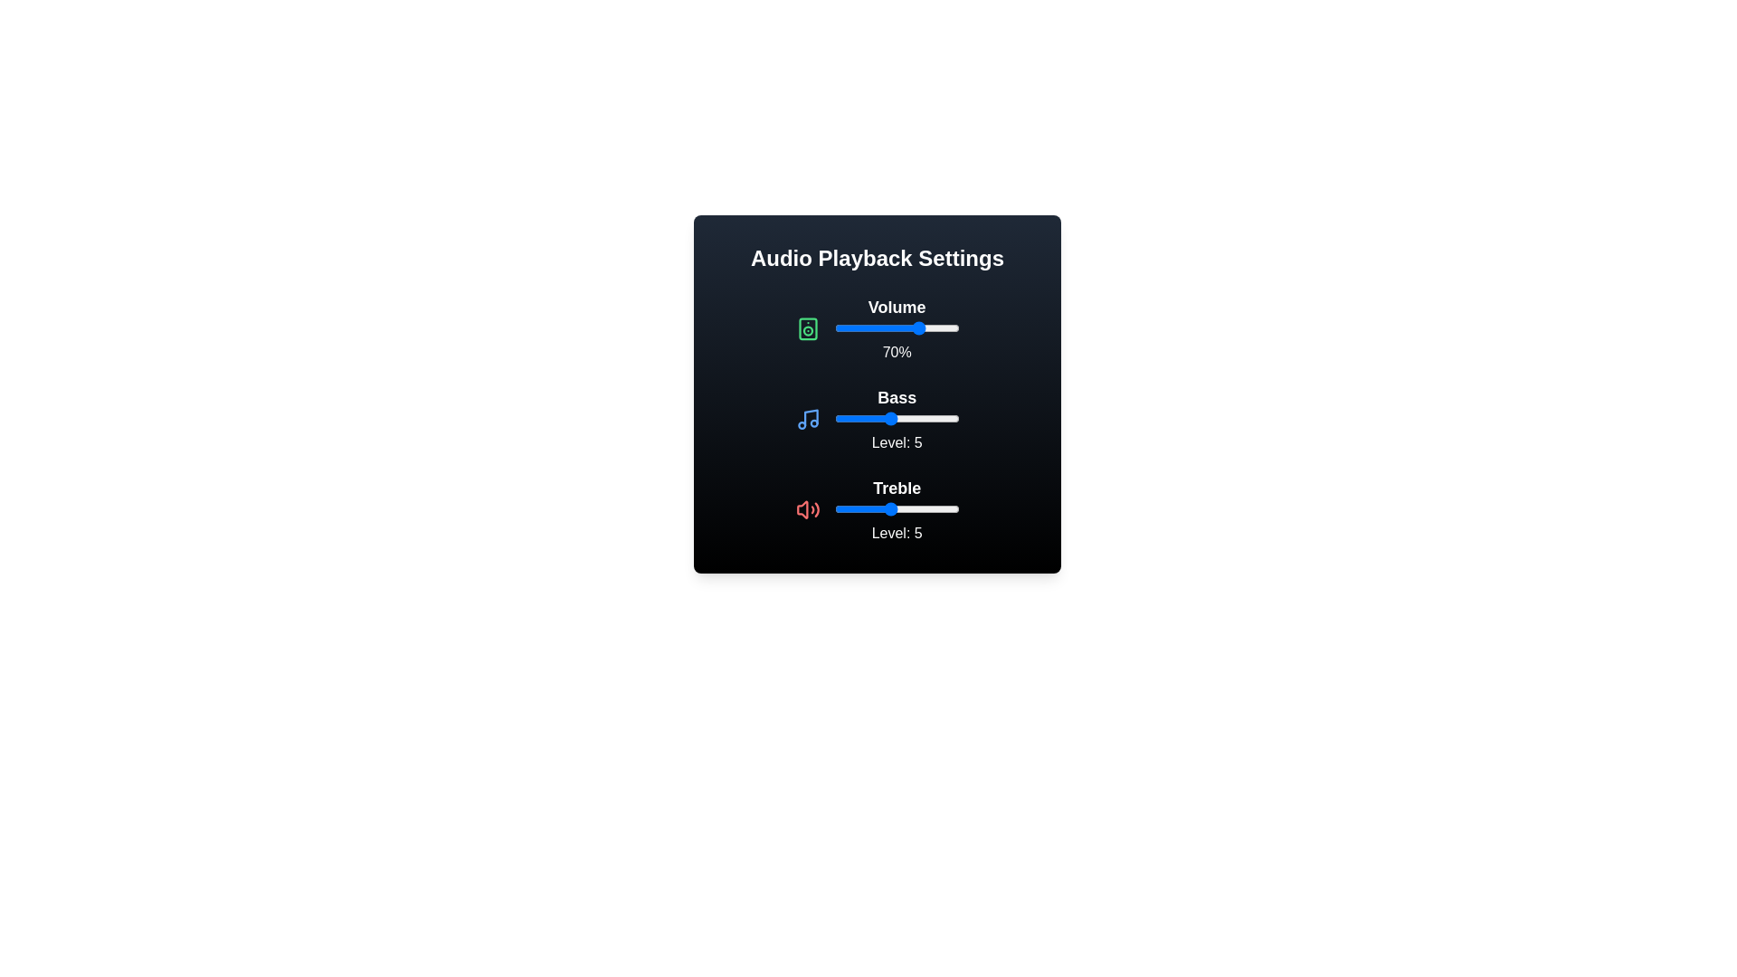 Image resolution: width=1737 pixels, height=977 pixels. What do you see at coordinates (861, 509) in the screenshot?
I see `the treble level` at bounding box center [861, 509].